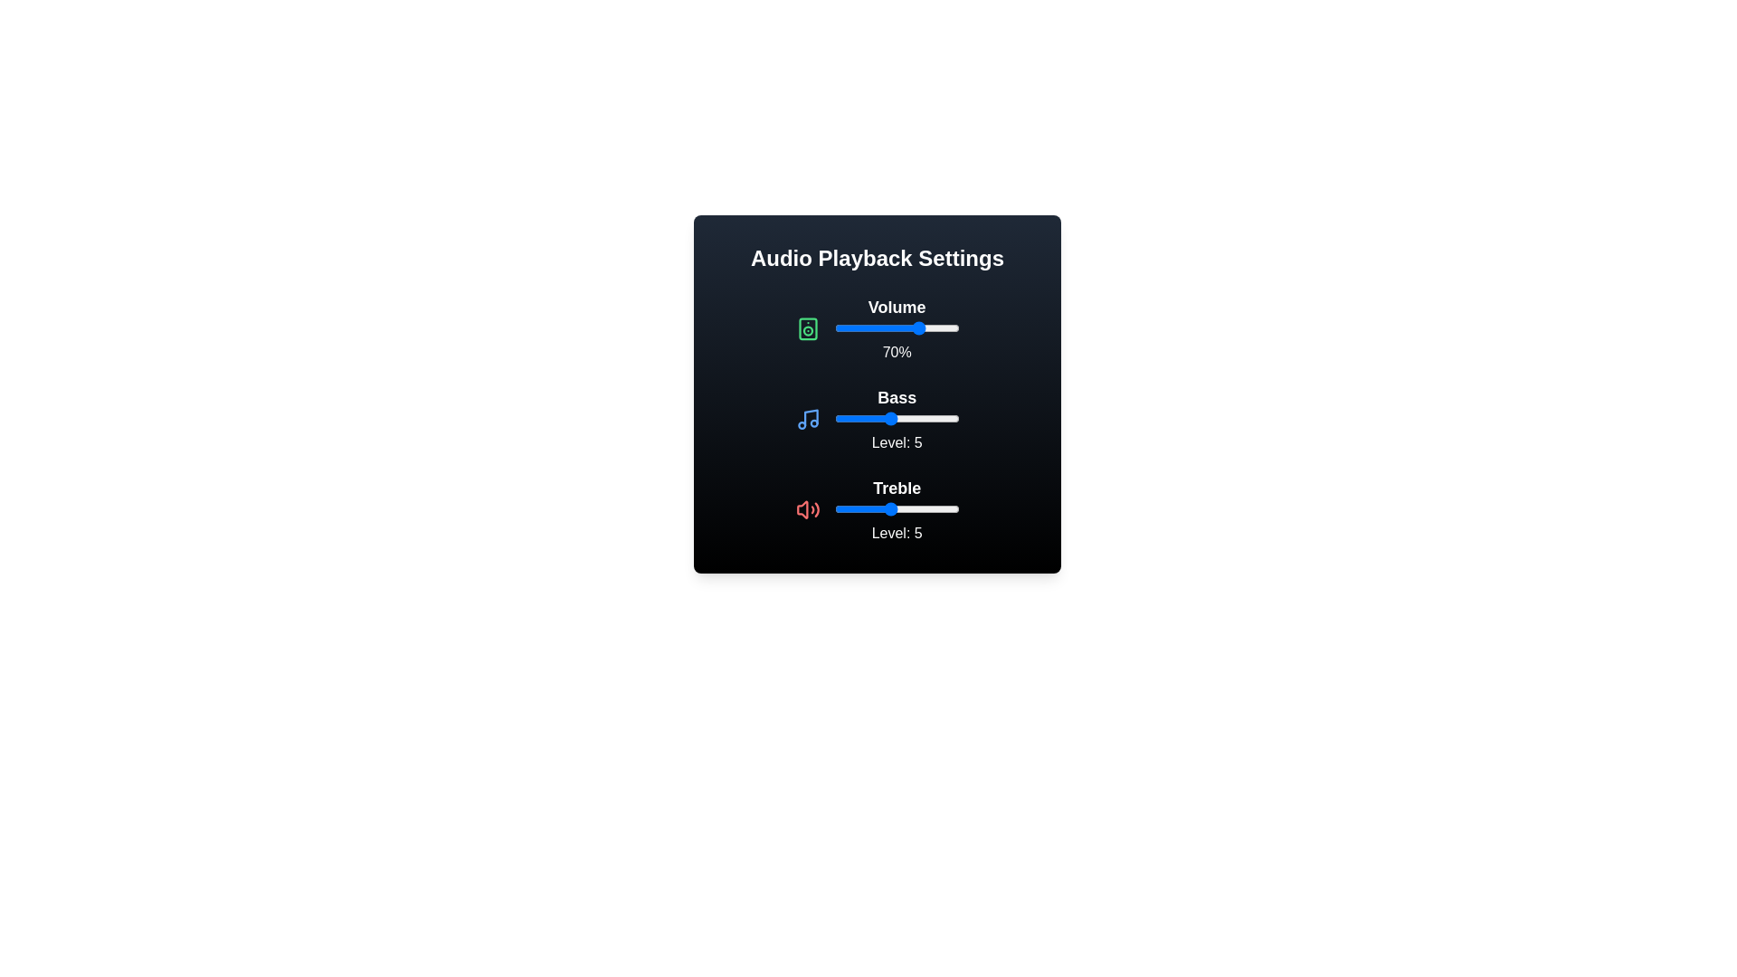 Image resolution: width=1737 pixels, height=977 pixels. What do you see at coordinates (861, 509) in the screenshot?
I see `the treble level` at bounding box center [861, 509].